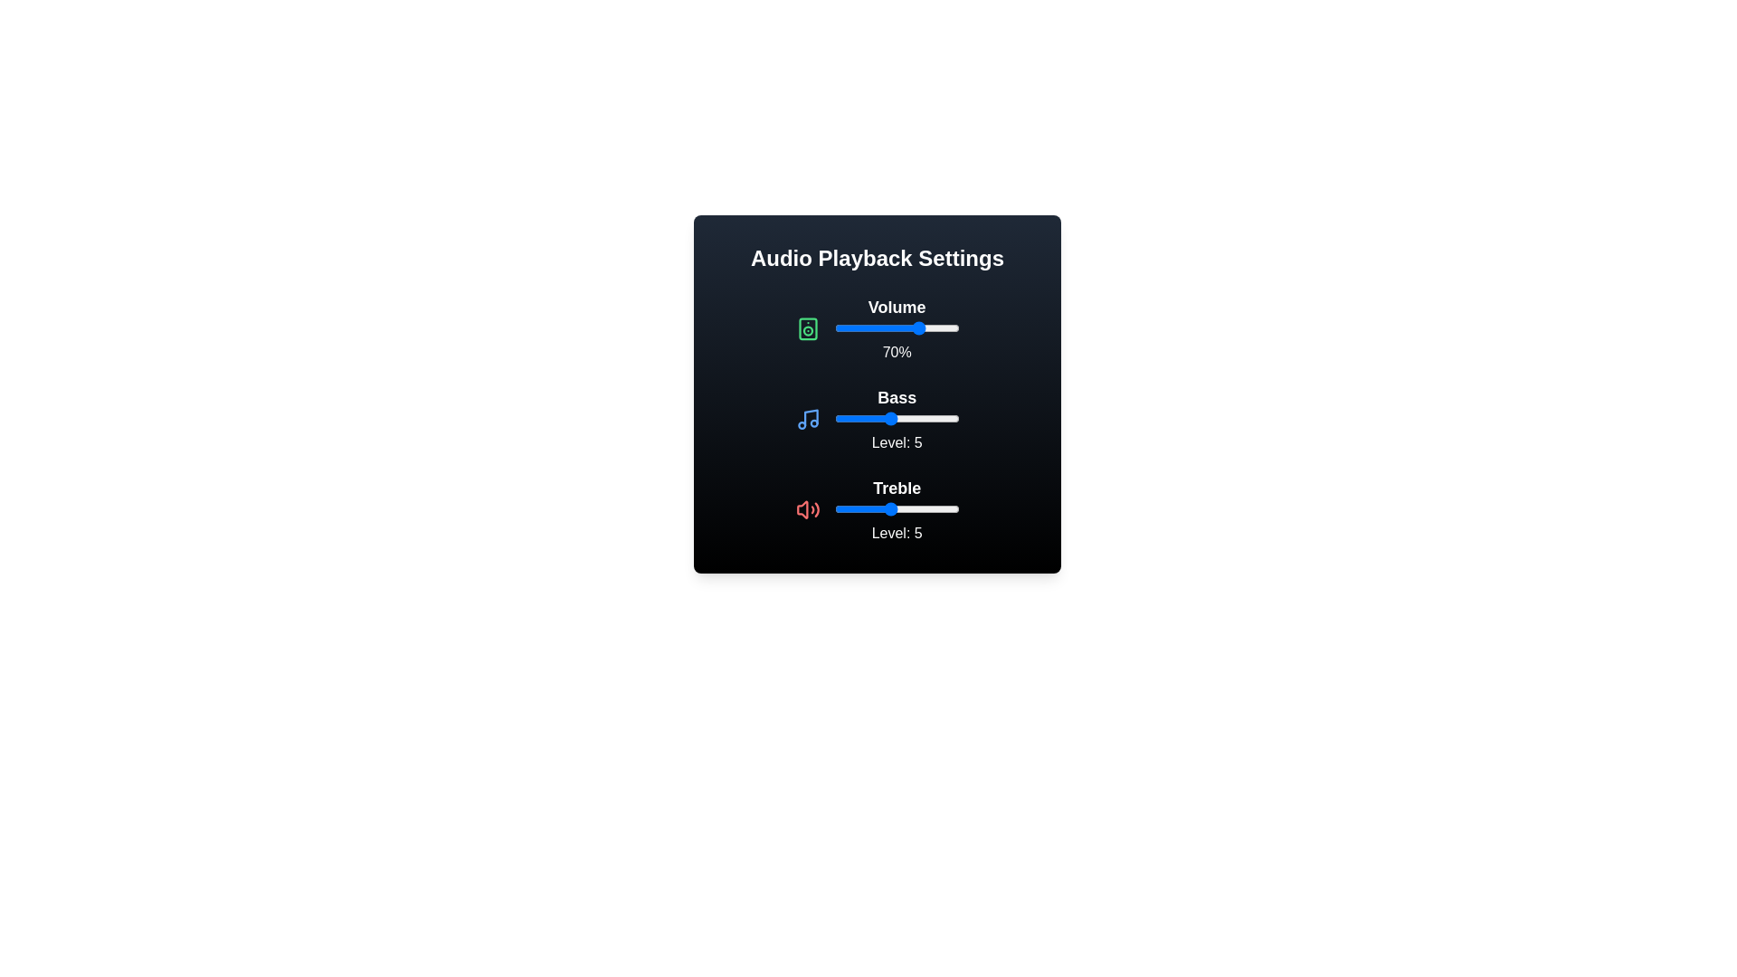 Image resolution: width=1737 pixels, height=977 pixels. What do you see at coordinates (861, 509) in the screenshot?
I see `the treble level` at bounding box center [861, 509].